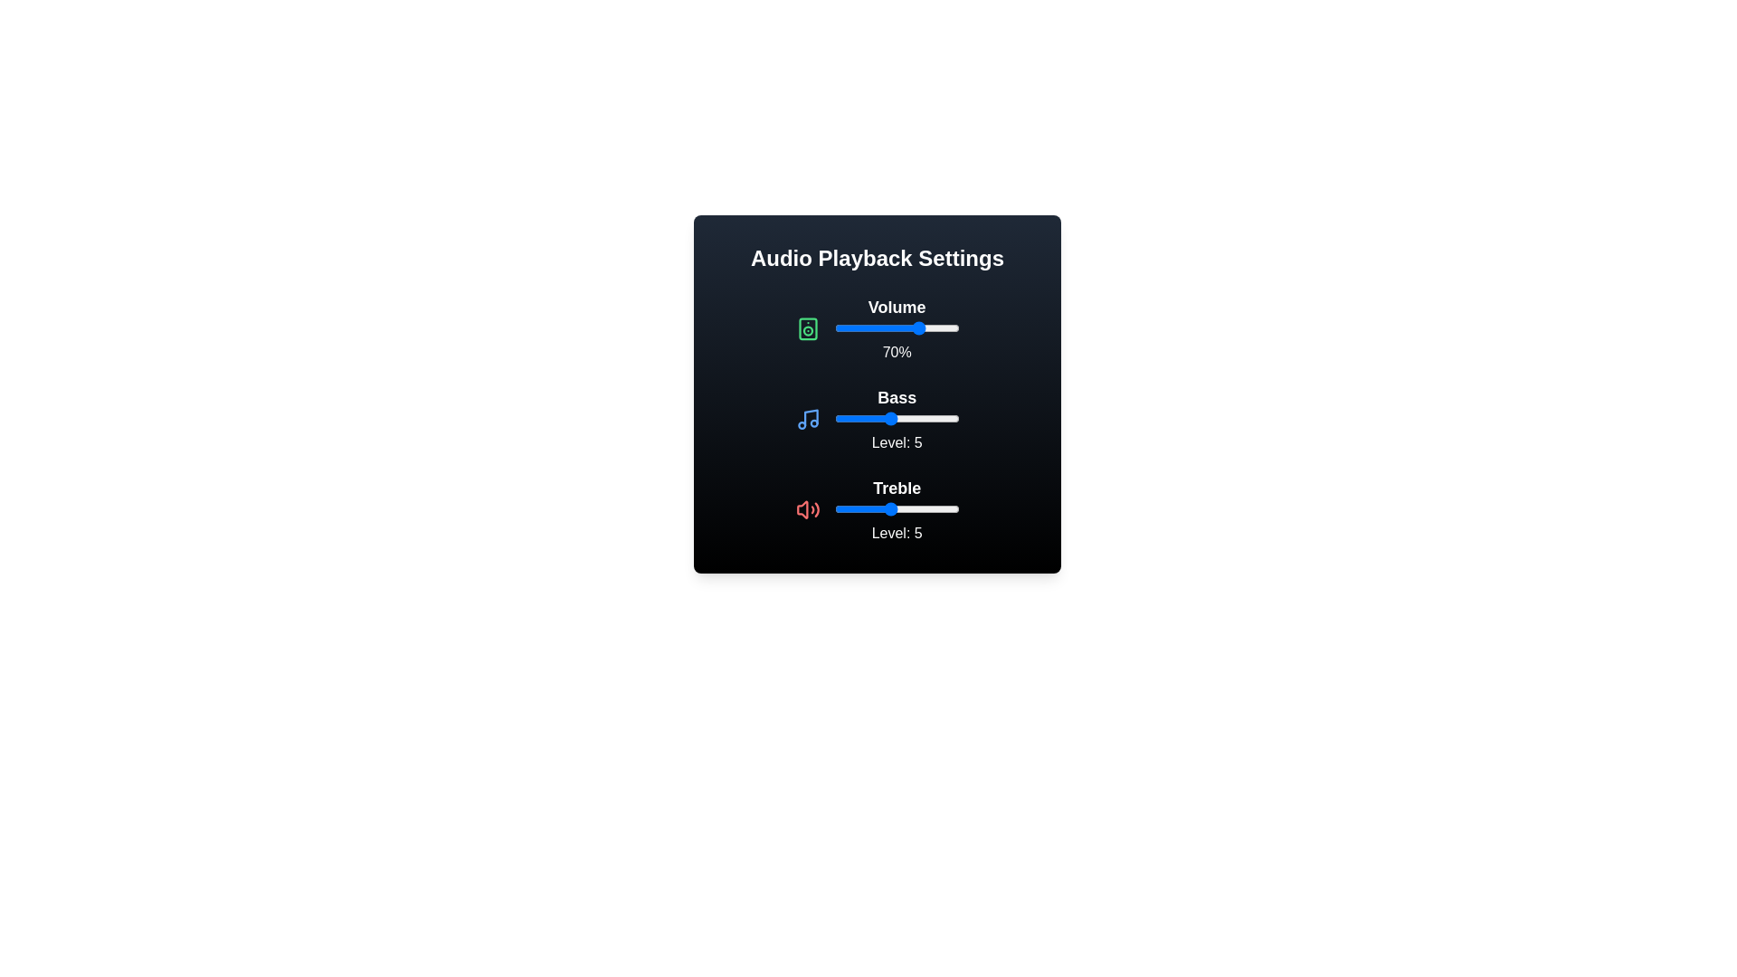 Image resolution: width=1737 pixels, height=977 pixels. What do you see at coordinates (861, 509) in the screenshot?
I see `the treble level` at bounding box center [861, 509].